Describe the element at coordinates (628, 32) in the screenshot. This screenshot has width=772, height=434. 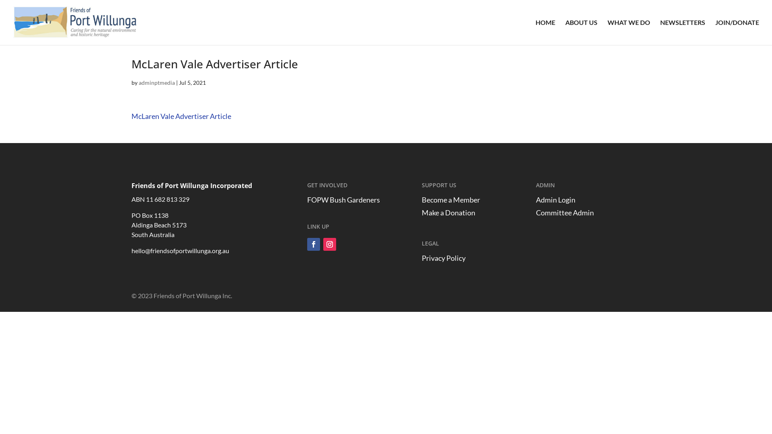
I see `'WHAT WE DO'` at that location.